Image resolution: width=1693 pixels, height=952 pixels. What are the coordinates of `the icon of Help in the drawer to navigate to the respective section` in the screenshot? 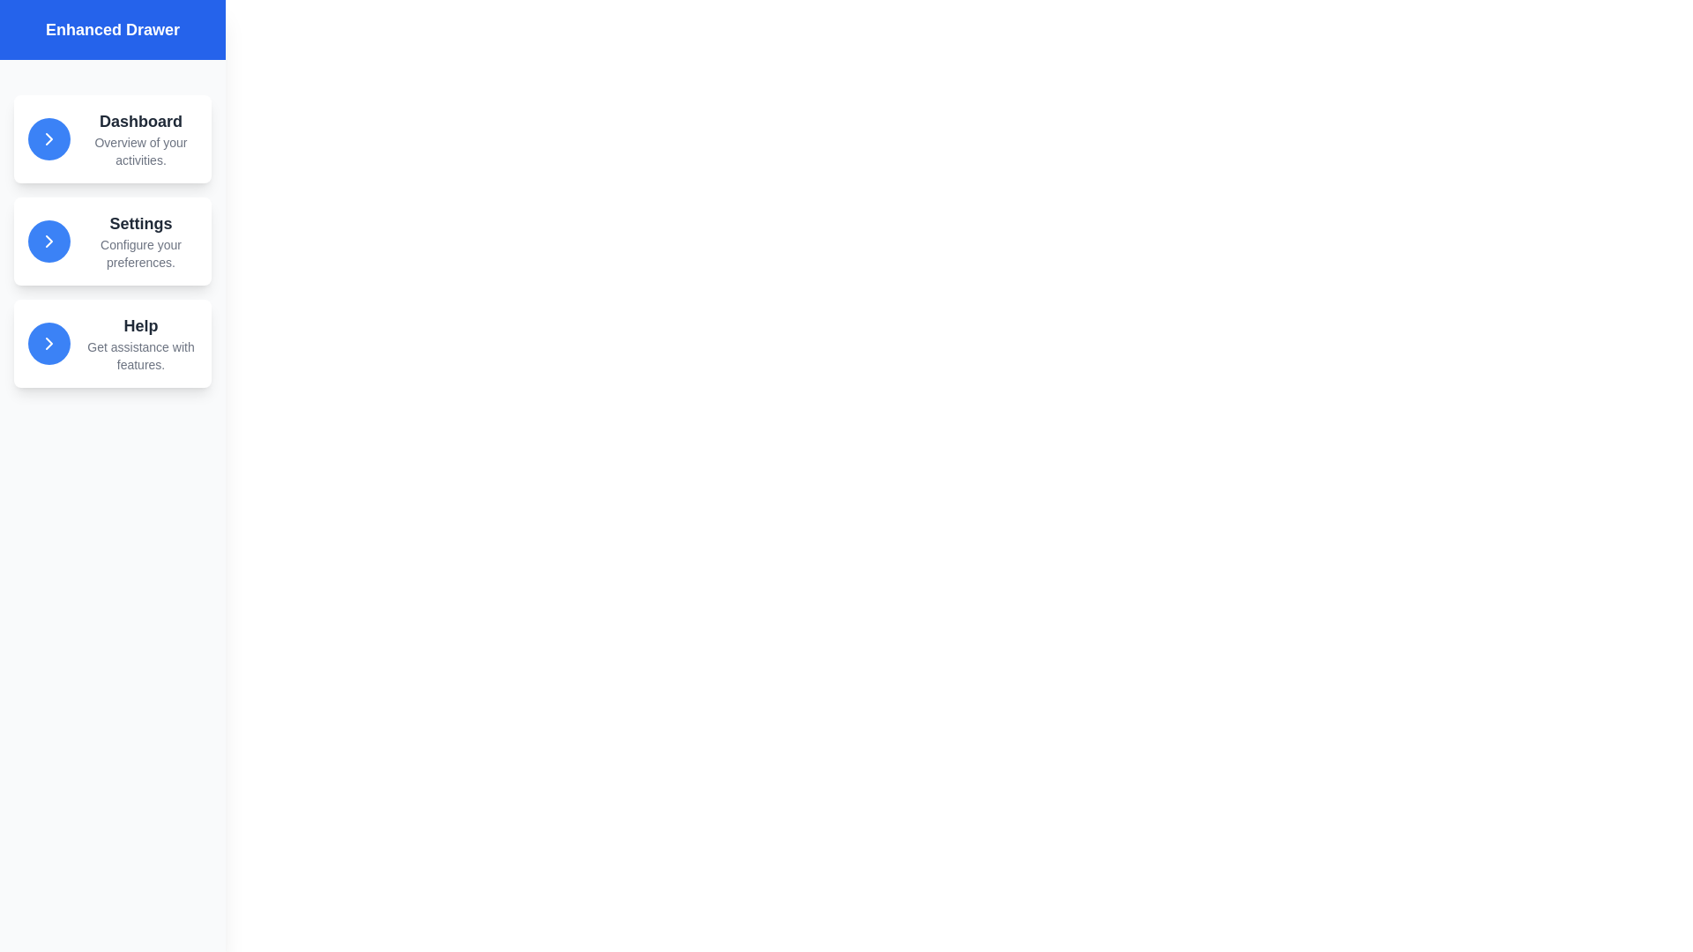 It's located at (49, 343).